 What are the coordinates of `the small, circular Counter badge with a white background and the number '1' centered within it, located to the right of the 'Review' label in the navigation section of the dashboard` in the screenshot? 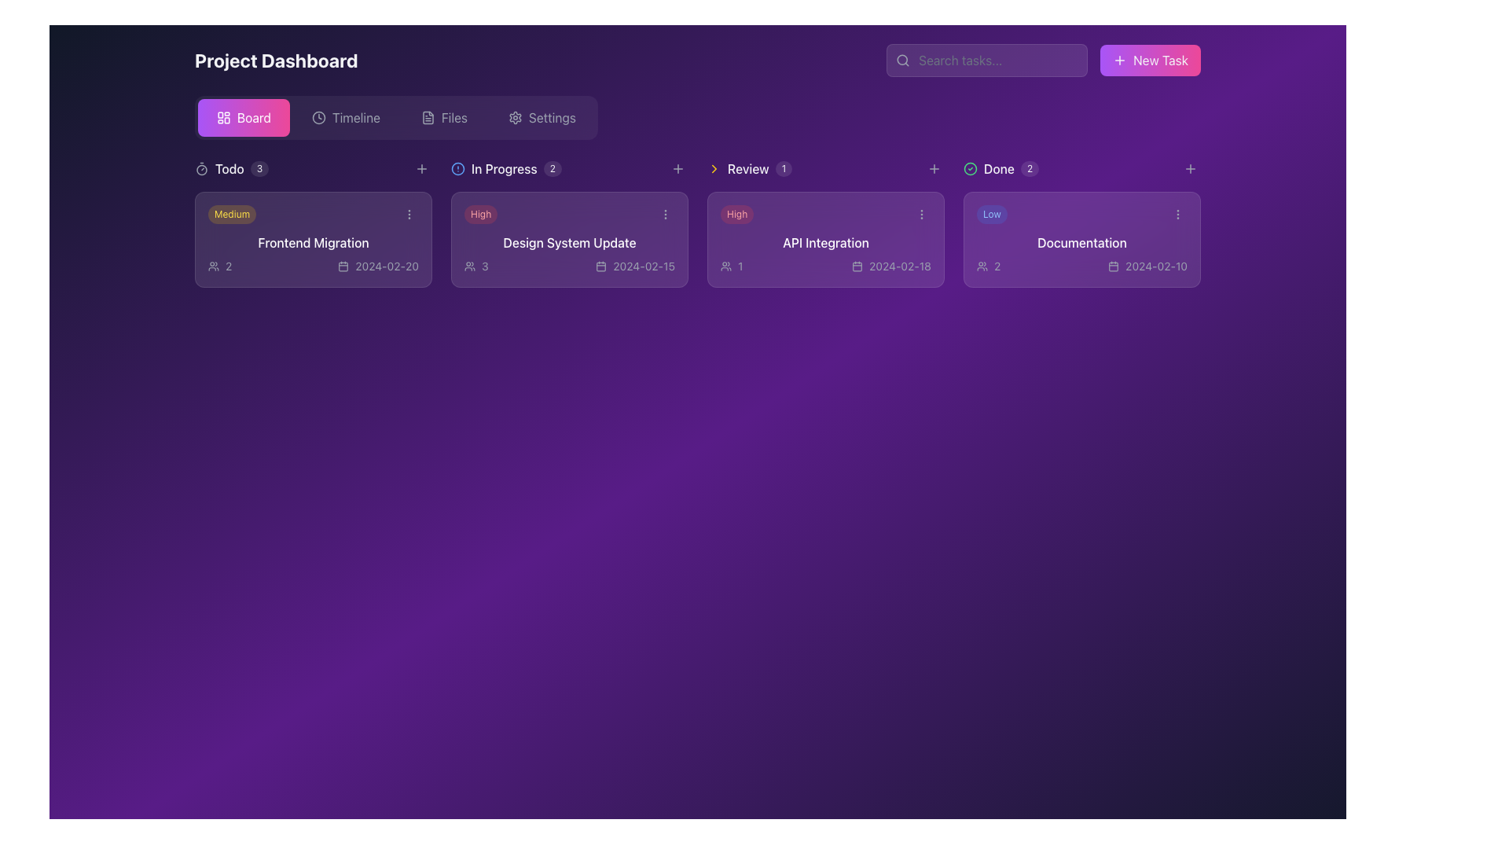 It's located at (784, 169).